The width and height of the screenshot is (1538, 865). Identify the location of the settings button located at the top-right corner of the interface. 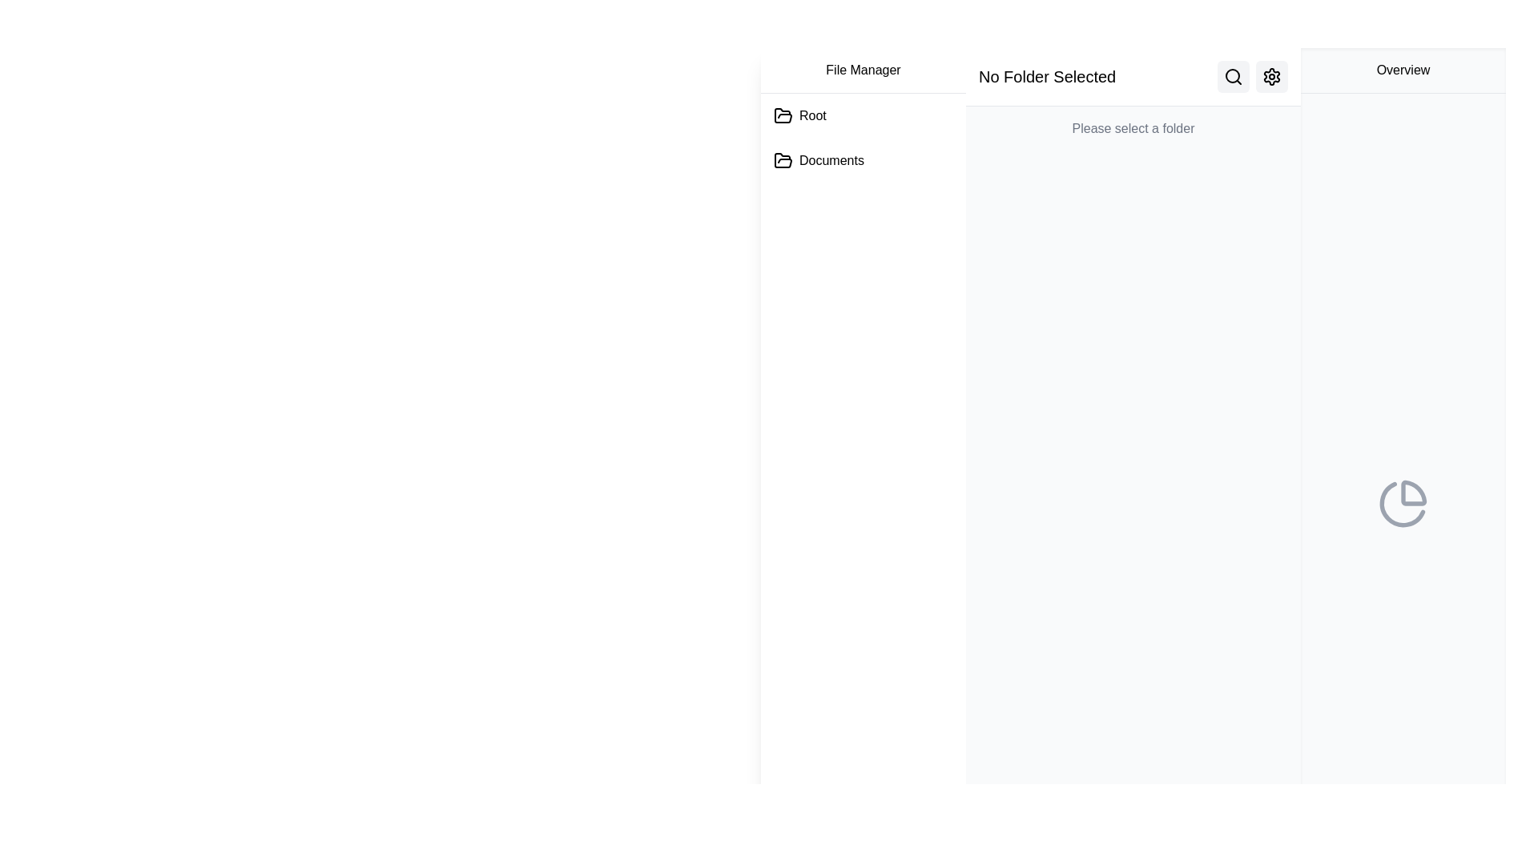
(1271, 77).